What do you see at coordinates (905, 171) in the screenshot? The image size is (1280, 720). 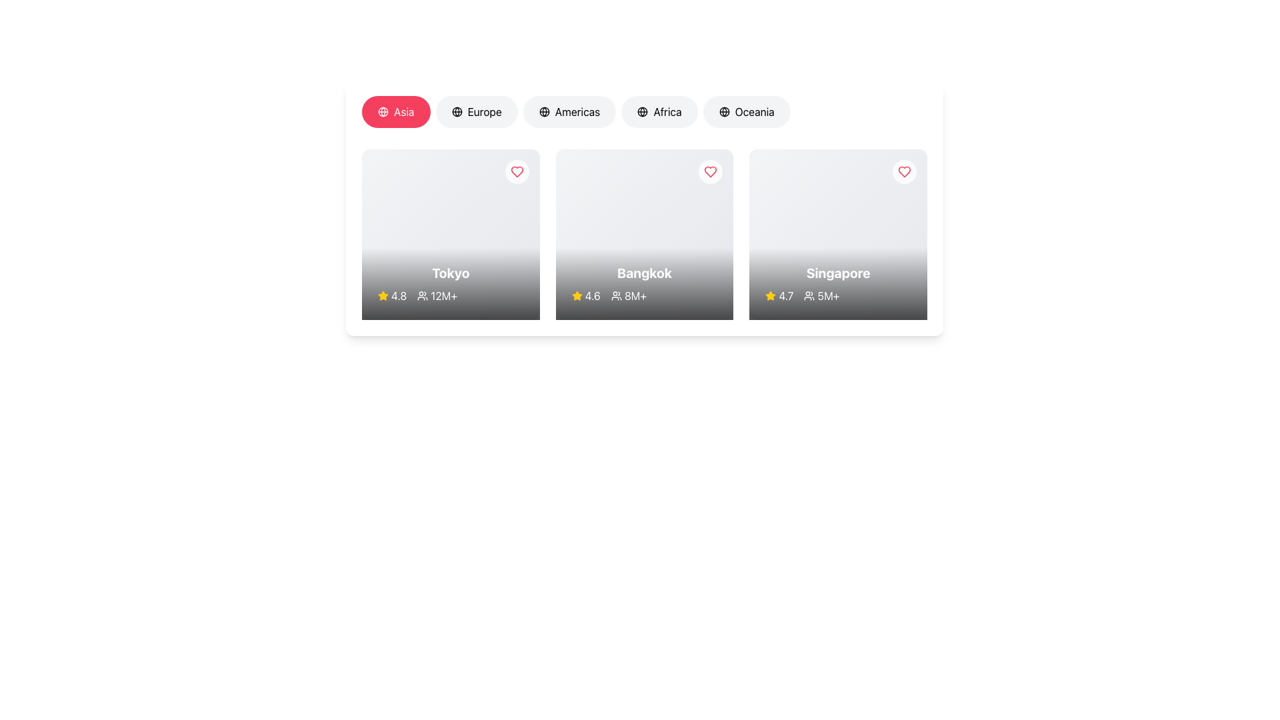 I see `the heart icon button located in the top-right corner of the card for 'Singapore' to mark it as a favorite` at bounding box center [905, 171].